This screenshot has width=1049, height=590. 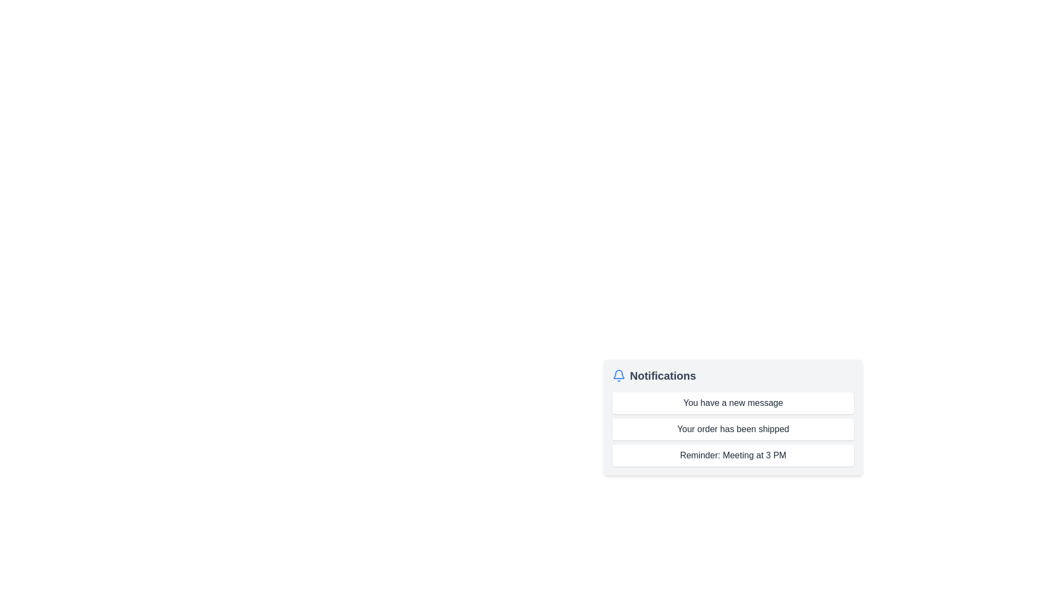 I want to click on text from the third entry in the notification list under the 'Notifications' heading, which displays 'Reminder: Meeting at 3 PM', so click(x=733, y=455).